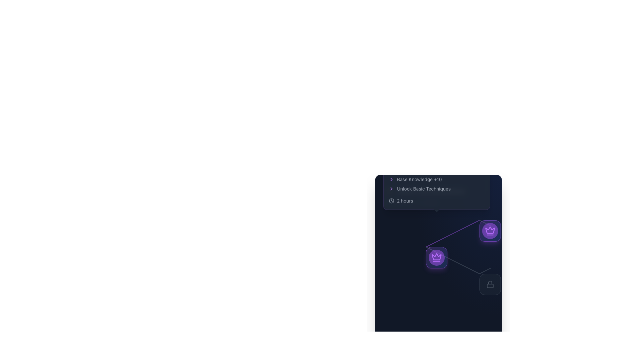  What do you see at coordinates (436, 212) in the screenshot?
I see `the small triangular marker (UI Arrow Pointer) located directly beneath the popup box labeled 'Base Knowledge +10 Unlock Basic Techniques', positioned at the bottom middle of the box` at bounding box center [436, 212].